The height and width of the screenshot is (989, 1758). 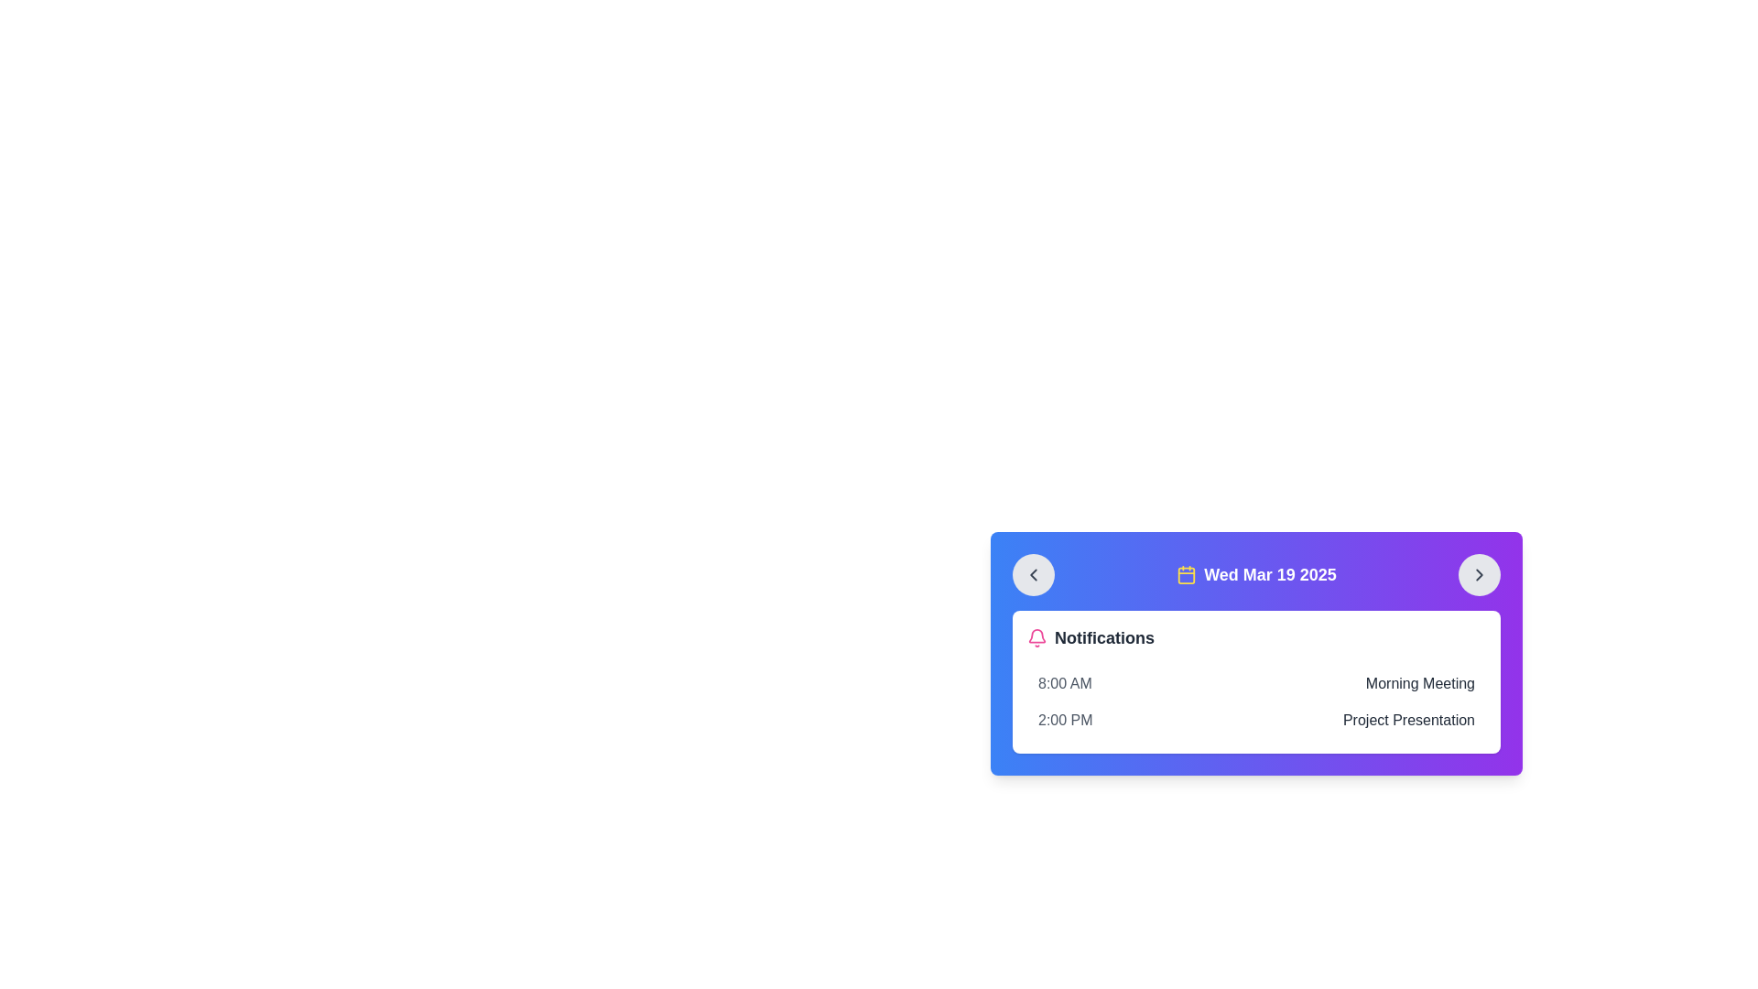 What do you see at coordinates (1033, 574) in the screenshot?
I see `the circular button with a light gray background and a dark chevron-left icon to trigger the background color change effect` at bounding box center [1033, 574].